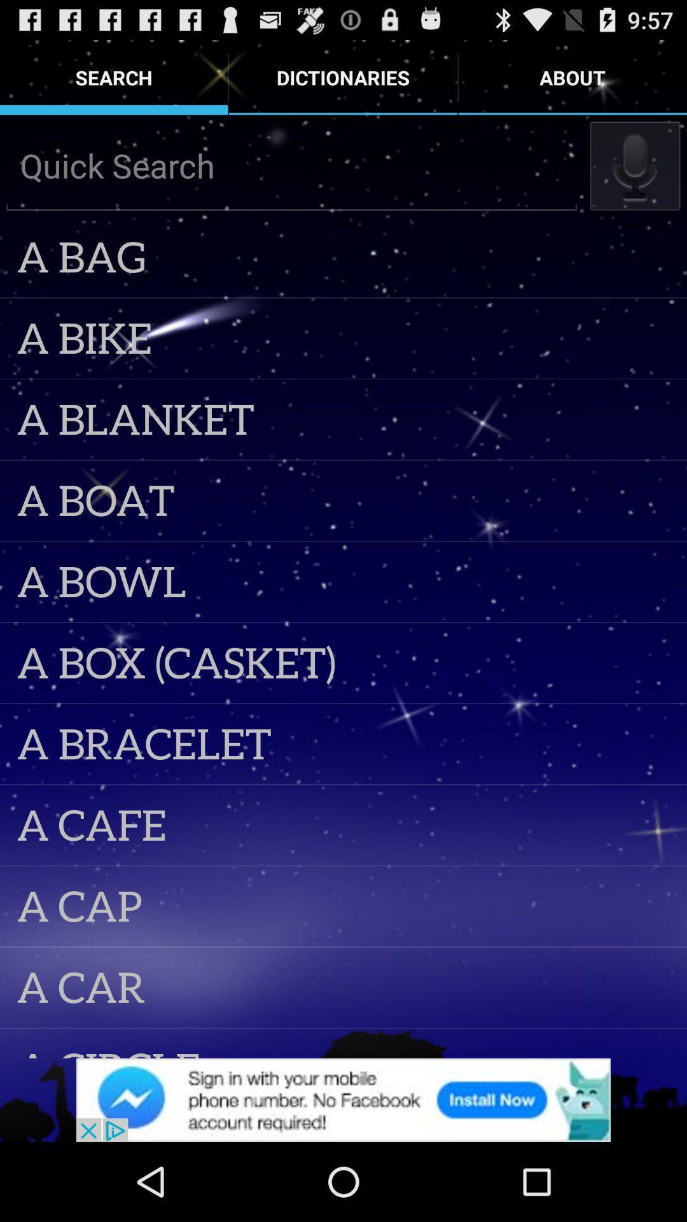 This screenshot has height=1222, width=687. I want to click on banner advertisement, so click(343, 1099).